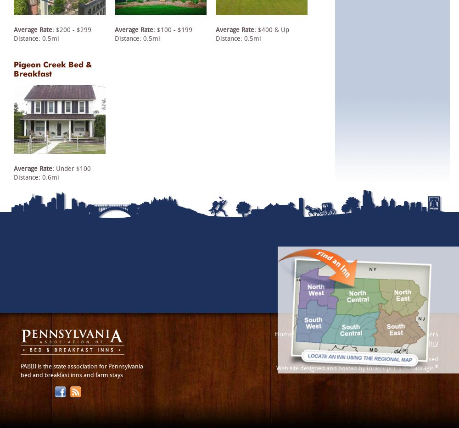 The width and height of the screenshot is (459, 428). Describe the element at coordinates (89, 366) in the screenshot. I see `'is the state association for Pennsylvania'` at that location.